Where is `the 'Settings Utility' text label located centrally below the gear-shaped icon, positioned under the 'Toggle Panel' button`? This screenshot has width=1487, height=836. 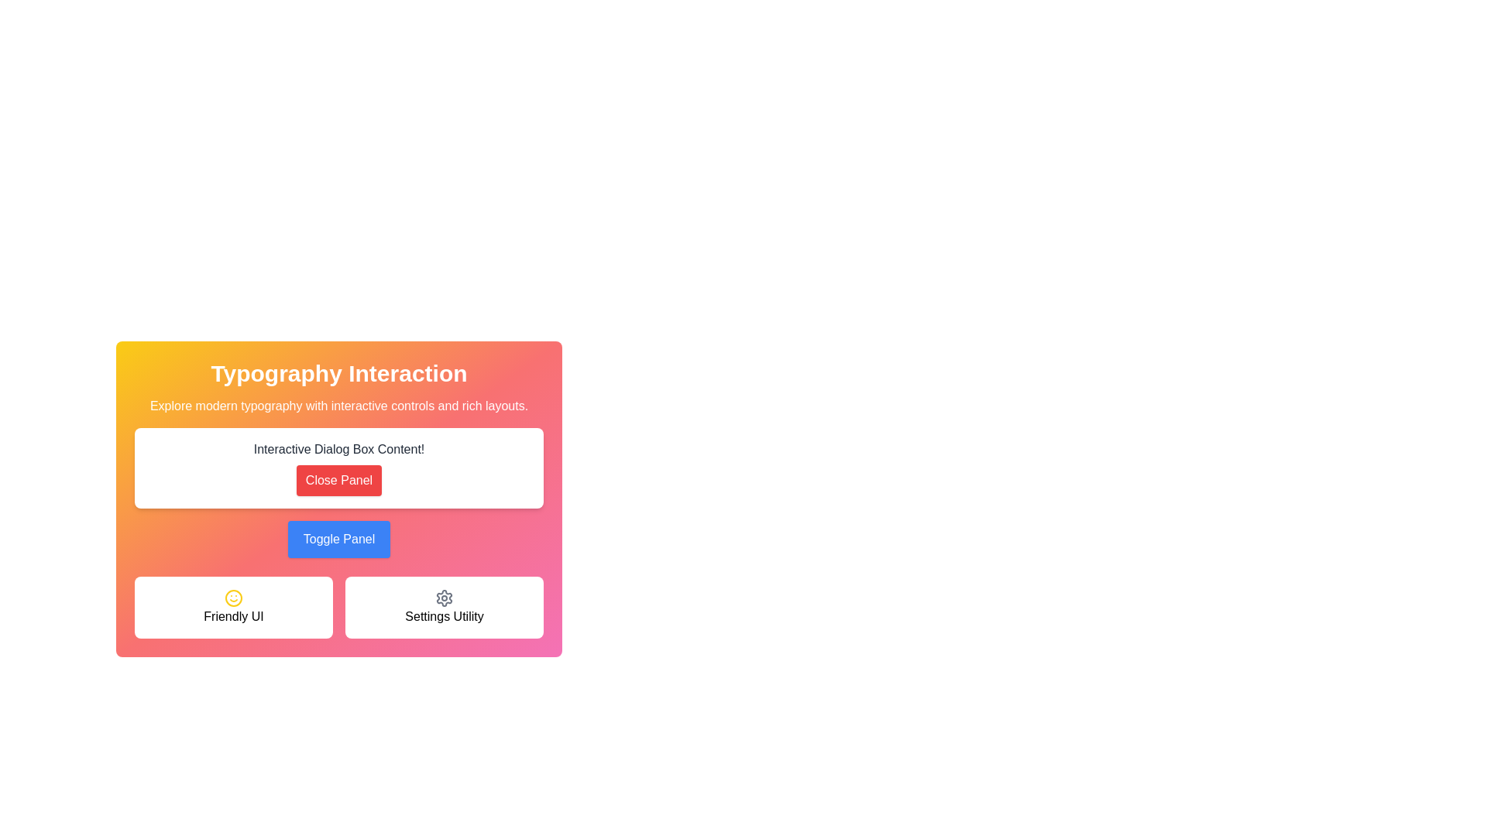
the 'Settings Utility' text label located centrally below the gear-shaped icon, positioned under the 'Toggle Panel' button is located at coordinates (444, 616).